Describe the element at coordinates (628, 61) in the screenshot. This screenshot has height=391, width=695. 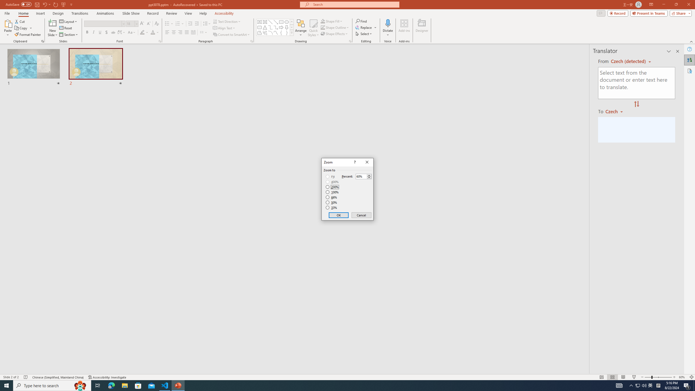
I see `'Czech (detected)'` at that location.